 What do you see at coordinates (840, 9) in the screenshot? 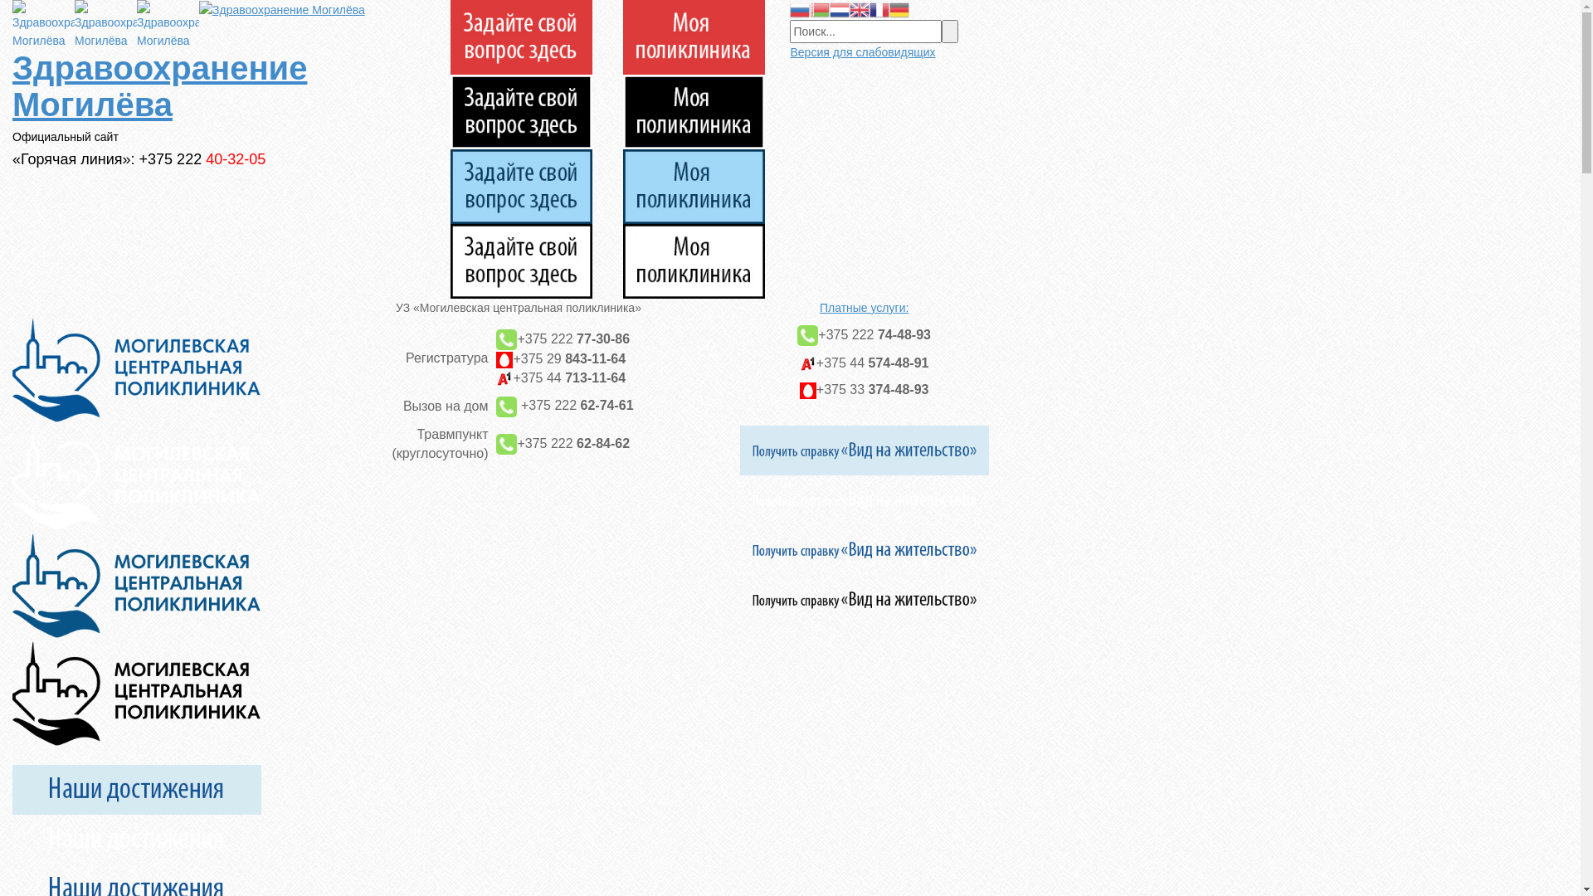
I see `'Dutch'` at bounding box center [840, 9].